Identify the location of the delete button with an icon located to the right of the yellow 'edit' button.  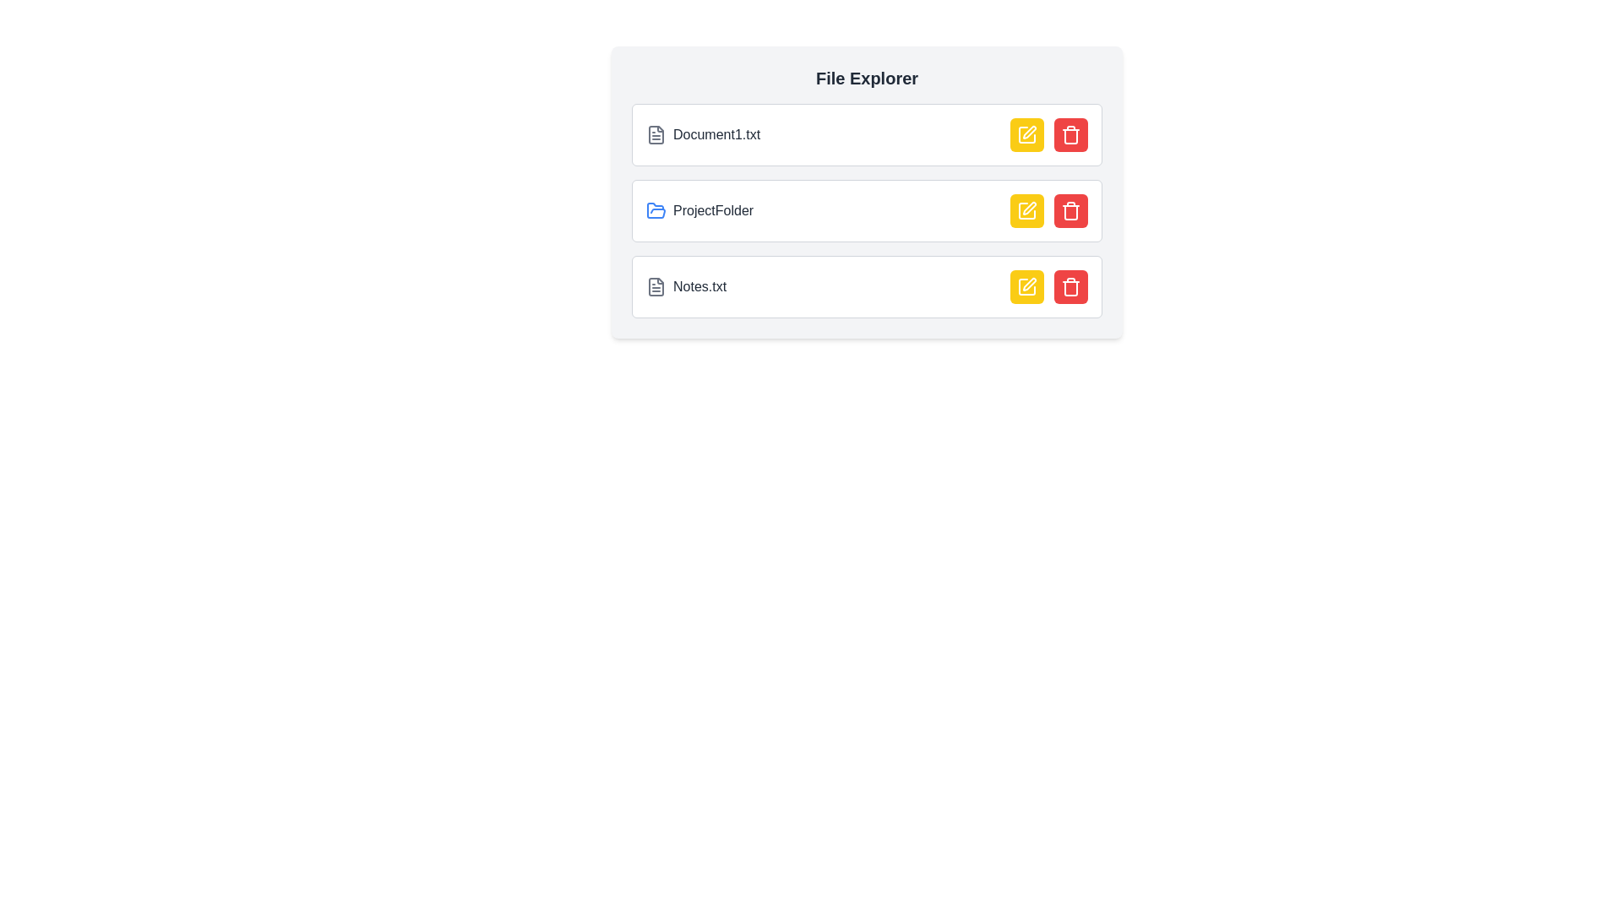
(1070, 285).